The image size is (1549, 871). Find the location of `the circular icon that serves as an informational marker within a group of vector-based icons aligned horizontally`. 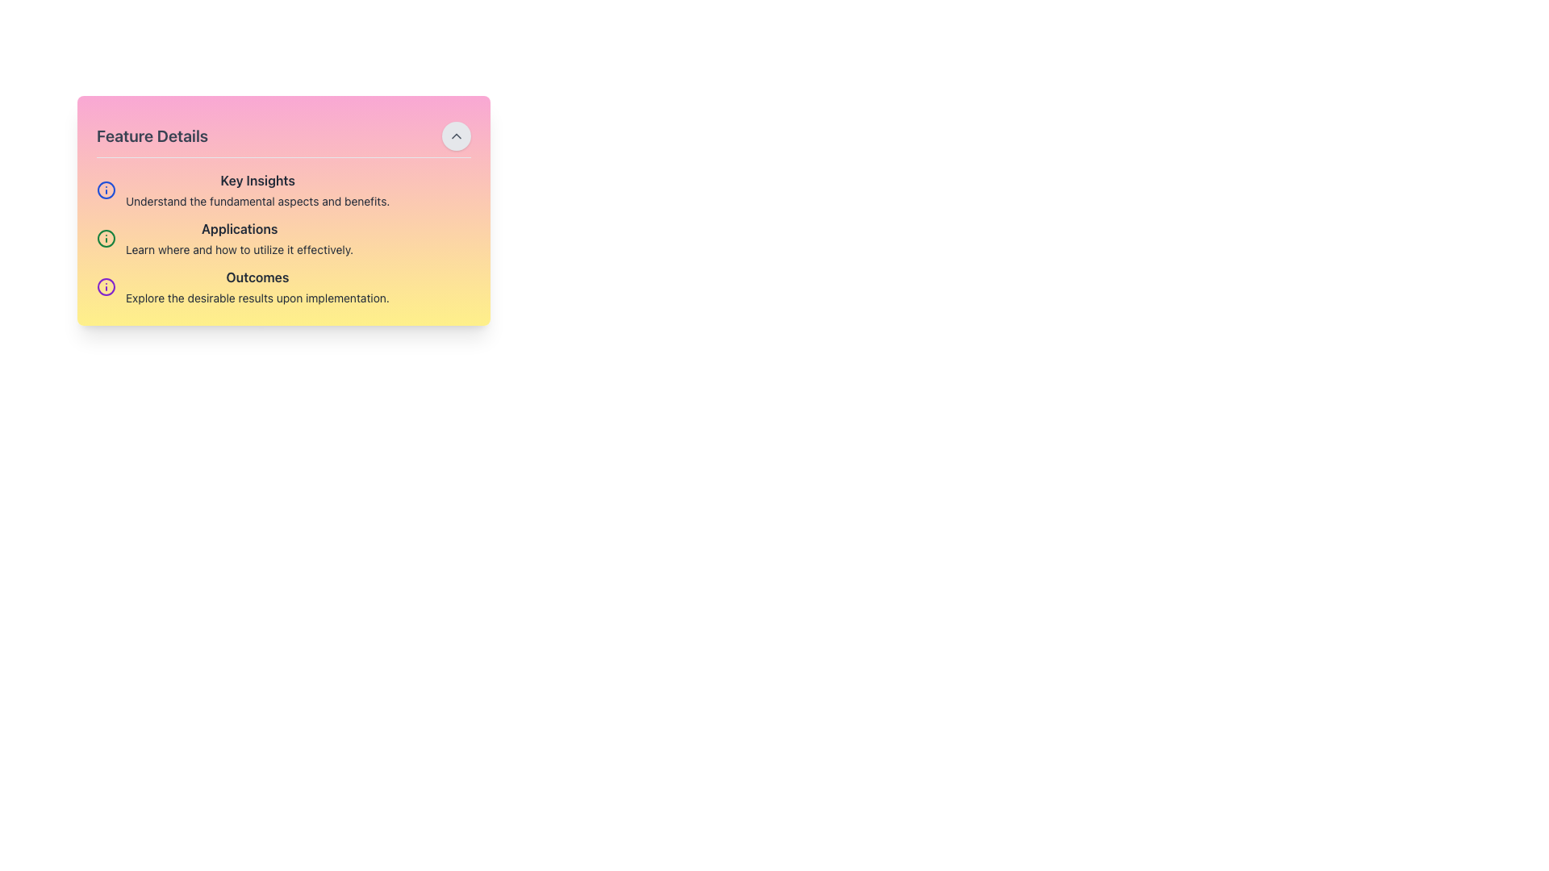

the circular icon that serves as an informational marker within a group of vector-based icons aligned horizontally is located at coordinates (106, 285).